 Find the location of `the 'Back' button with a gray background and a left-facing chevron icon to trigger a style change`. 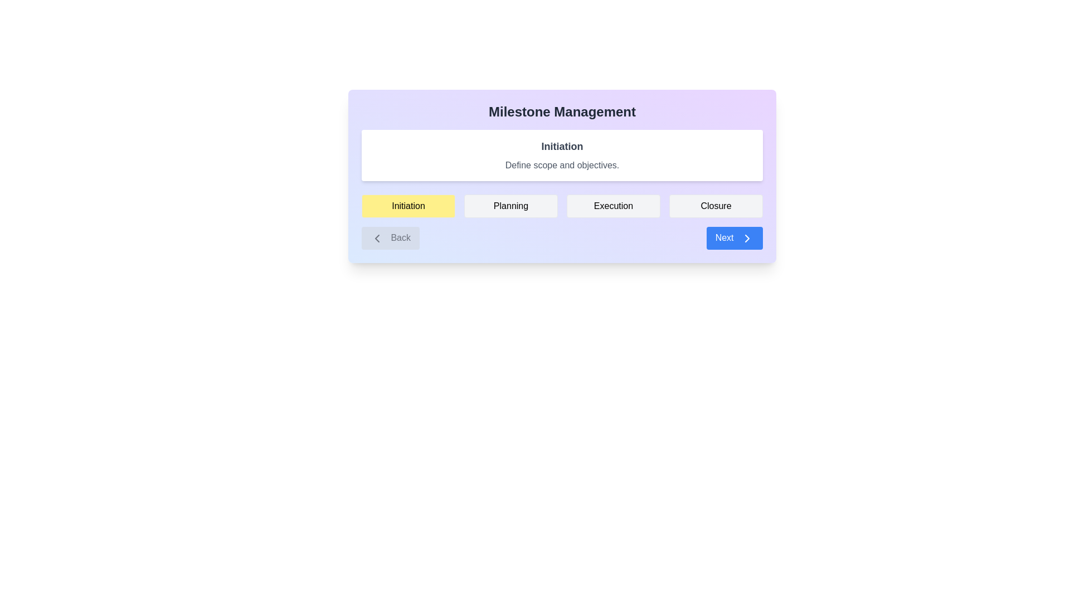

the 'Back' button with a gray background and a left-facing chevron icon to trigger a style change is located at coordinates (390, 237).